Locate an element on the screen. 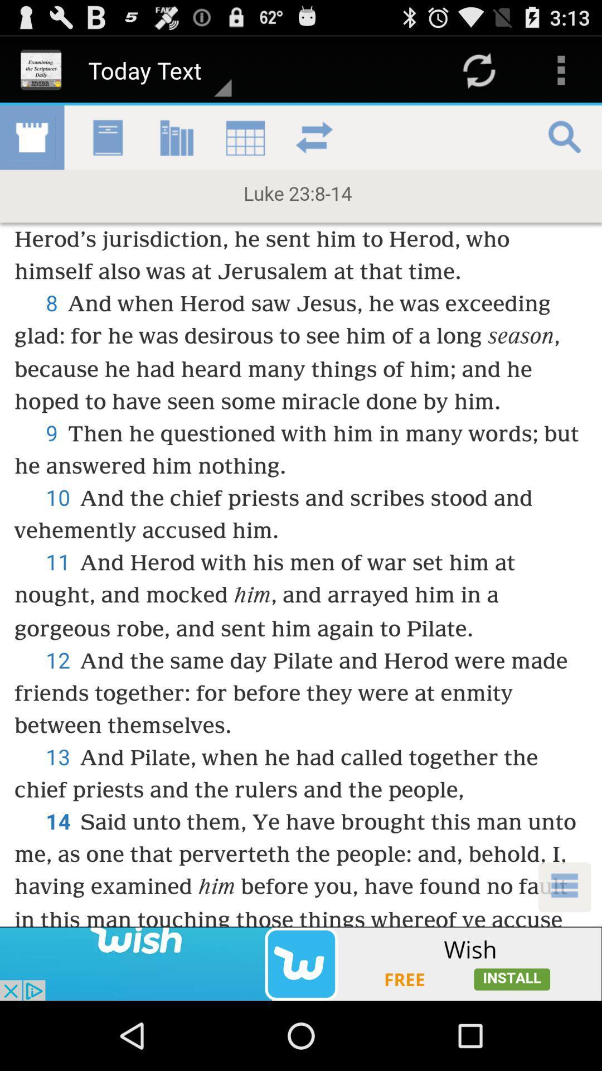  text screen is located at coordinates (301, 515).